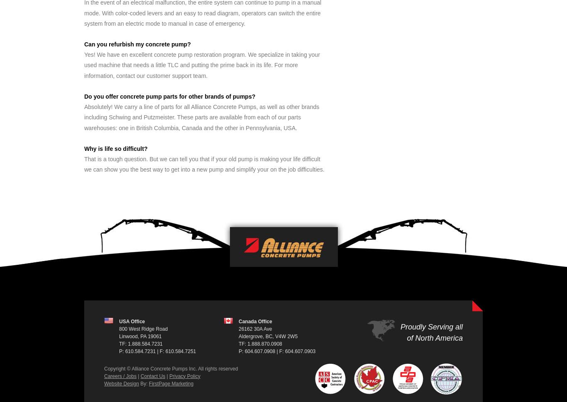 Image resolution: width=567 pixels, height=402 pixels. I want to click on 'Can you refurbish my concrete pump?', so click(137, 44).